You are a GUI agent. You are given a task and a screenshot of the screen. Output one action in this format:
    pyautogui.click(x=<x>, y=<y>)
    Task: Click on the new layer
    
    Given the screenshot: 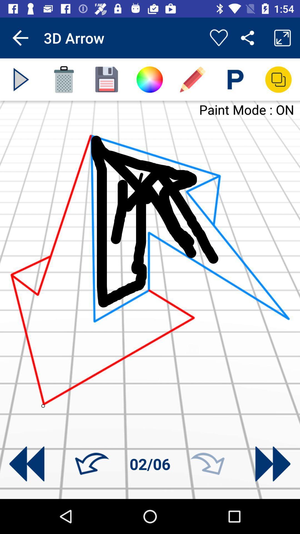 What is the action you would take?
    pyautogui.click(x=278, y=79)
    